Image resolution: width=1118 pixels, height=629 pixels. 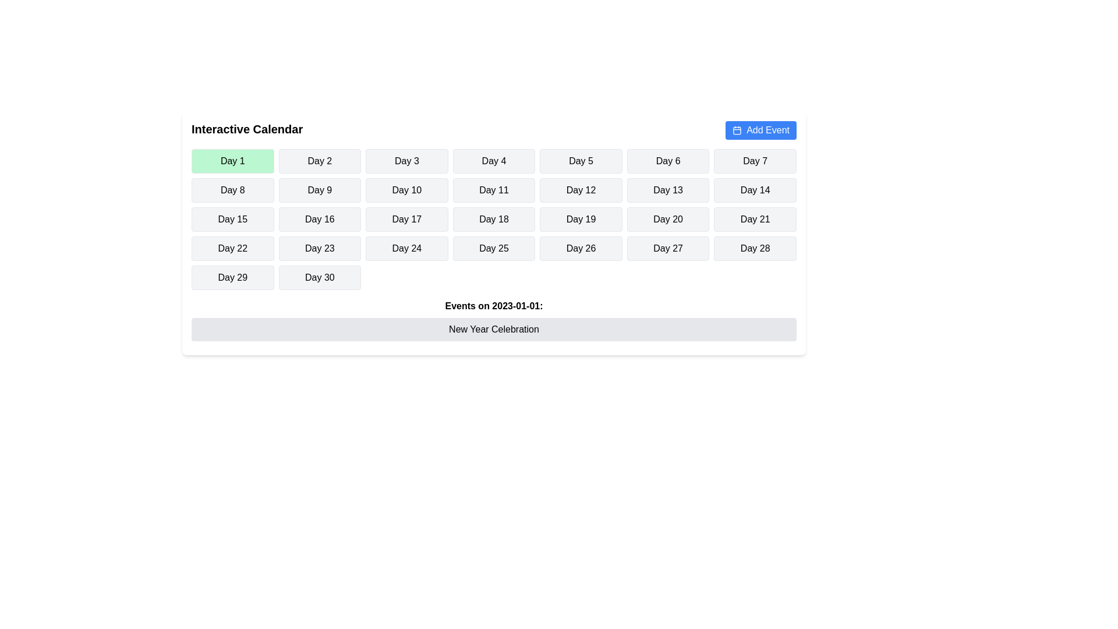 What do you see at coordinates (581, 248) in the screenshot?
I see `the button representing the 26th day in the interactive calendar` at bounding box center [581, 248].